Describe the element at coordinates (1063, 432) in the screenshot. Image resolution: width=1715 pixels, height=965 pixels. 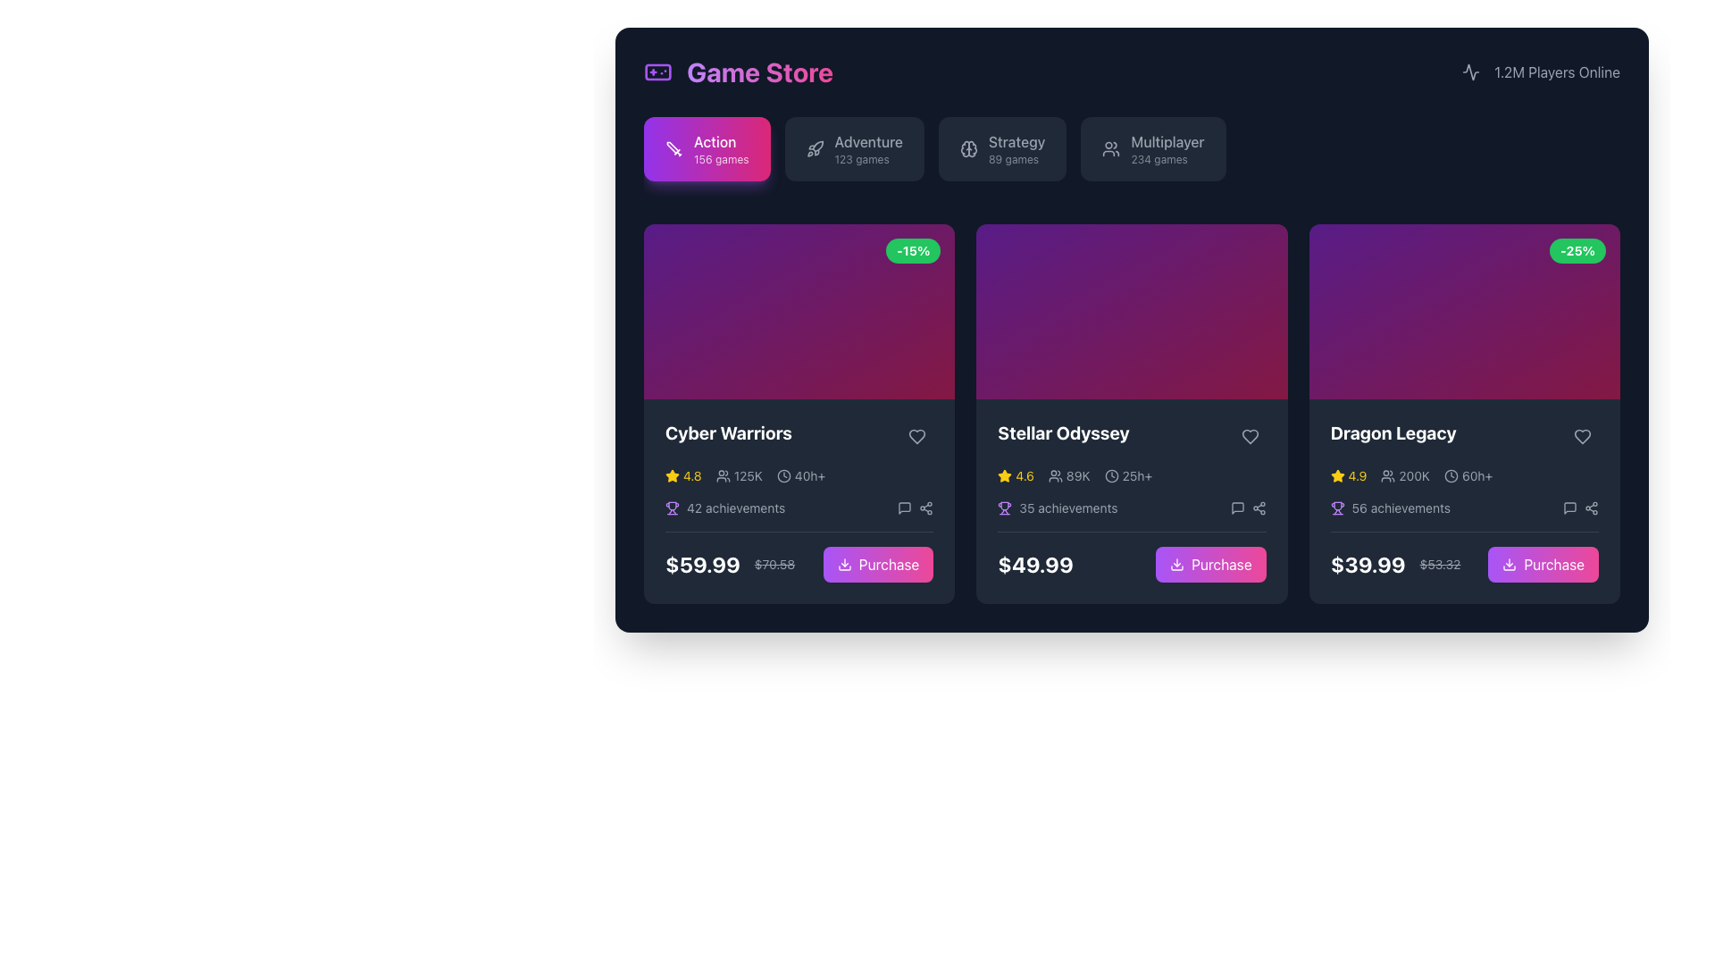
I see `the text label displaying the title 'Stellar Odyssey', located at the top of the second game card in the 'Game Store' section` at that location.